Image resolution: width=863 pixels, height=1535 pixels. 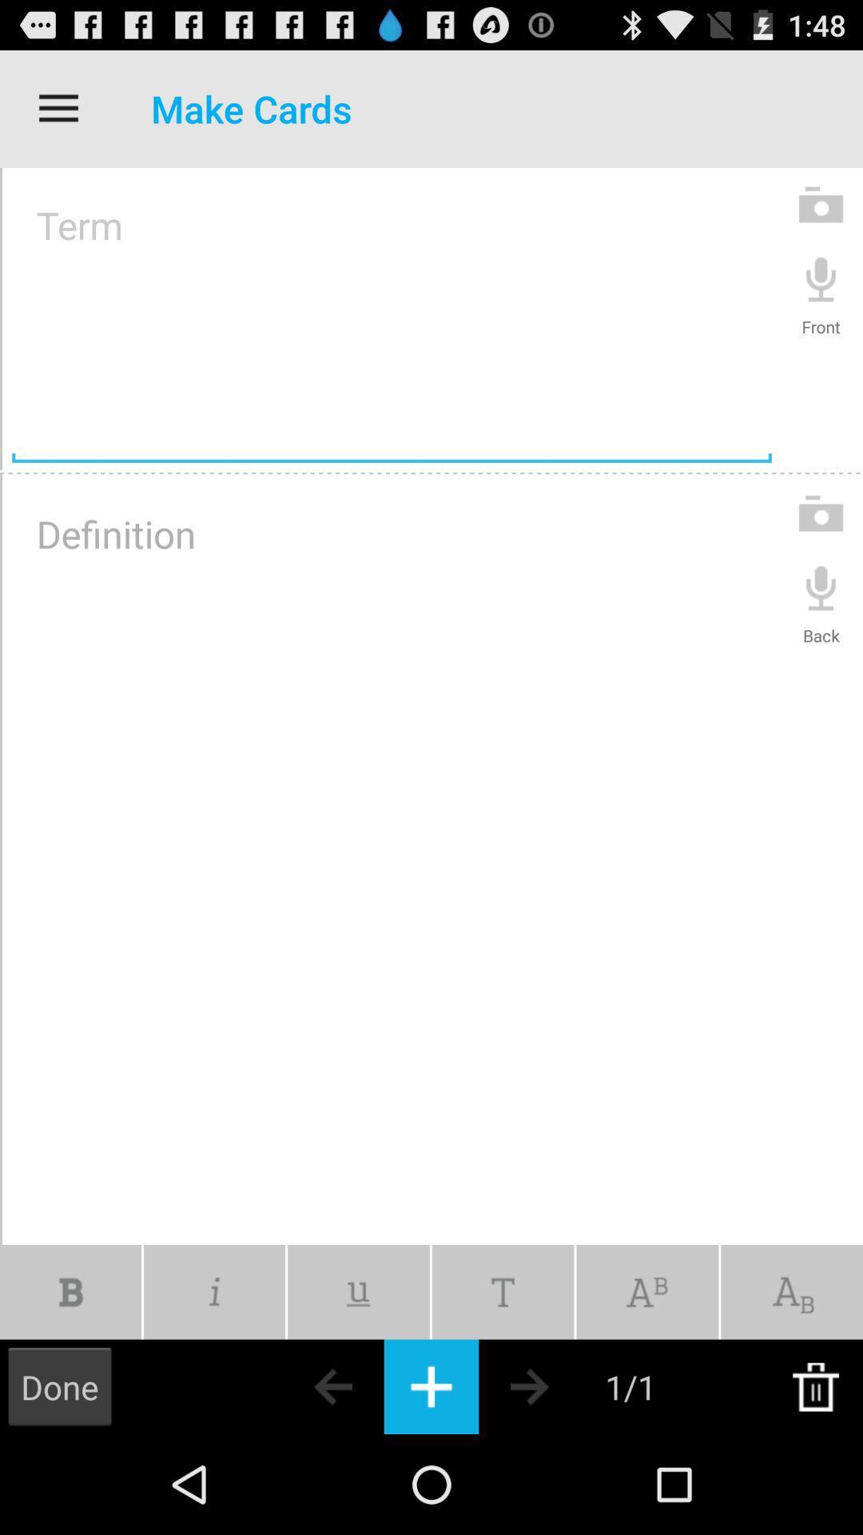 I want to click on format as superscript, so click(x=647, y=1292).